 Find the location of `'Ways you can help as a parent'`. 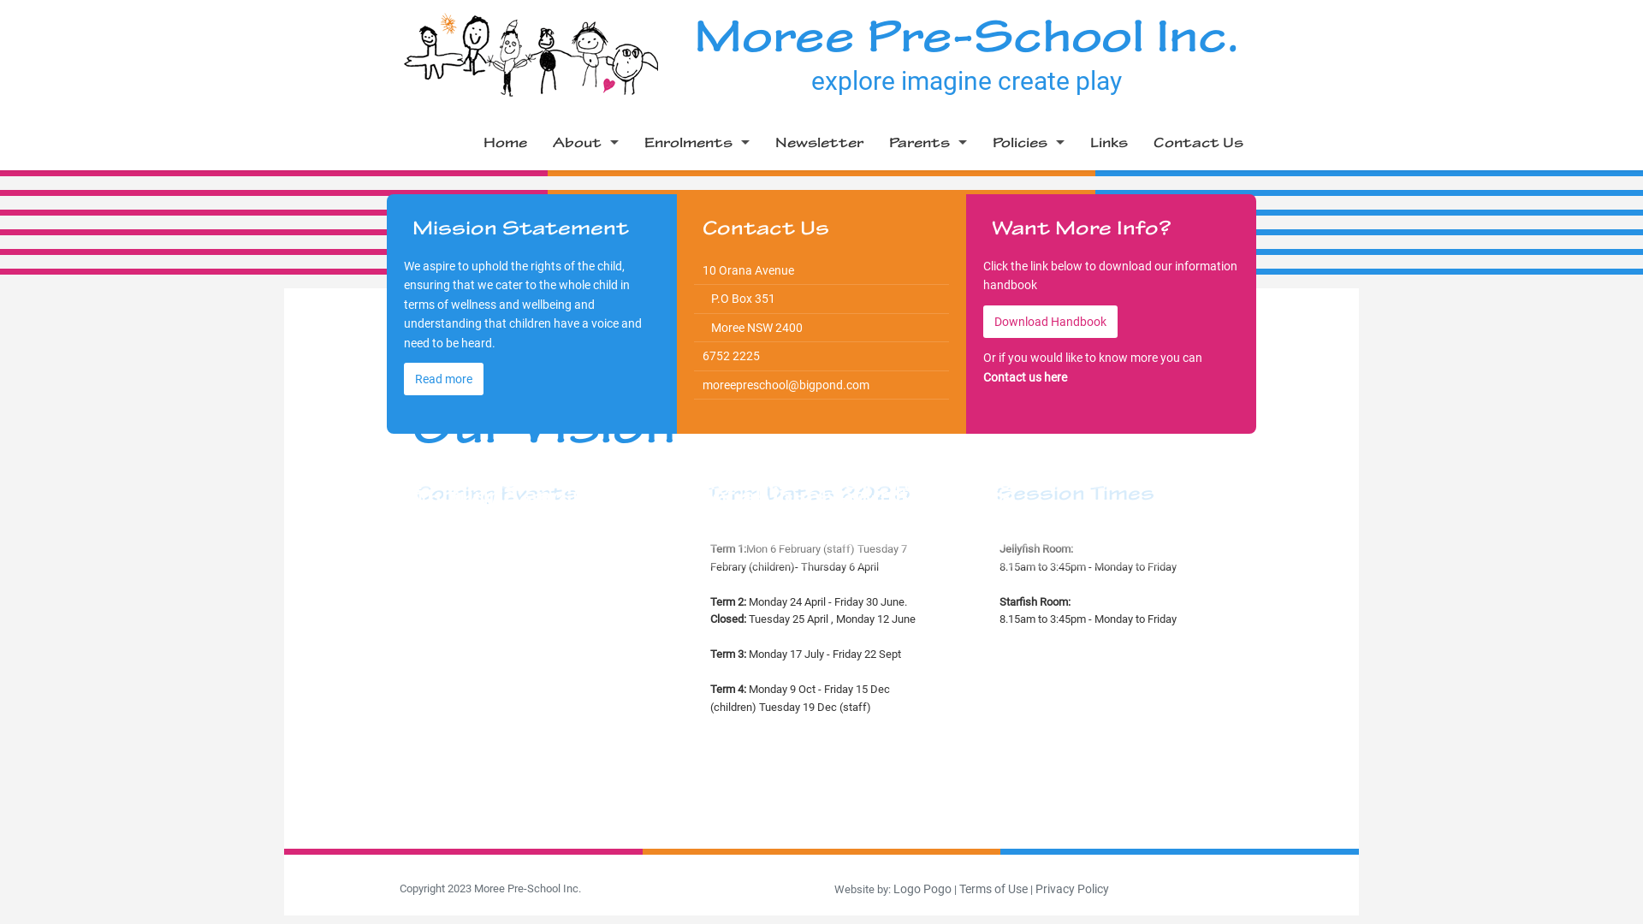

'Ways you can help as a parent' is located at coordinates (927, 489).